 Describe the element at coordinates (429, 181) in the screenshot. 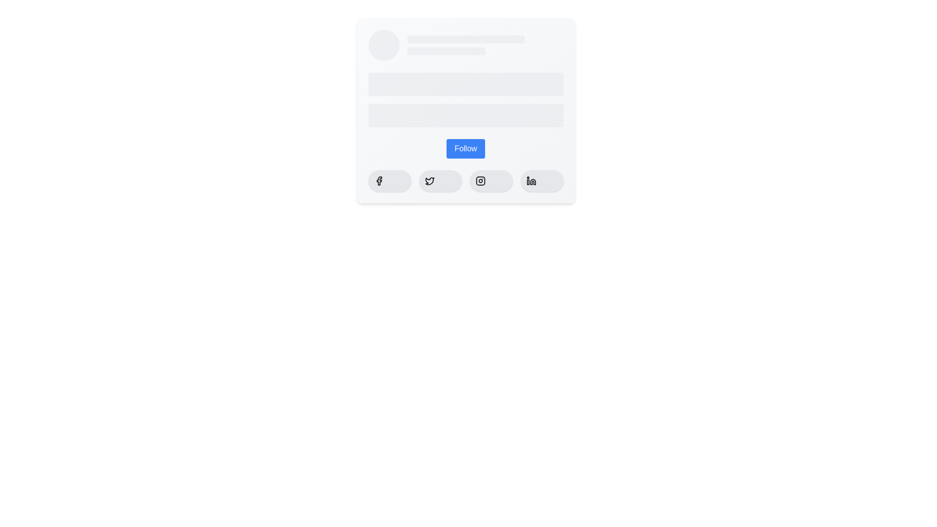

I see `the Twitter icon, which is a simplistic bird logo located within a circular button` at that location.